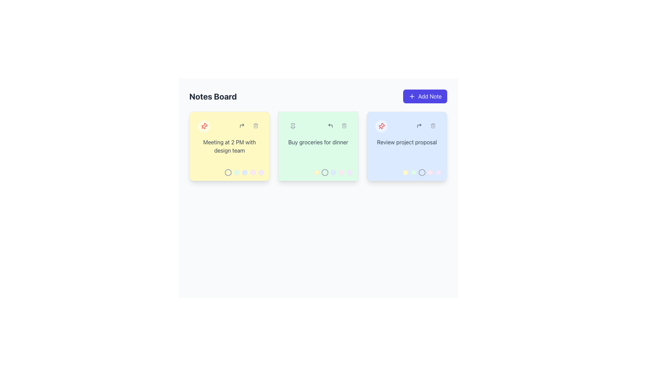  Describe the element at coordinates (407, 146) in the screenshot. I see `one of the color circles in the interactive card component with a blue background that displays 'Review project proposal'` at that location.